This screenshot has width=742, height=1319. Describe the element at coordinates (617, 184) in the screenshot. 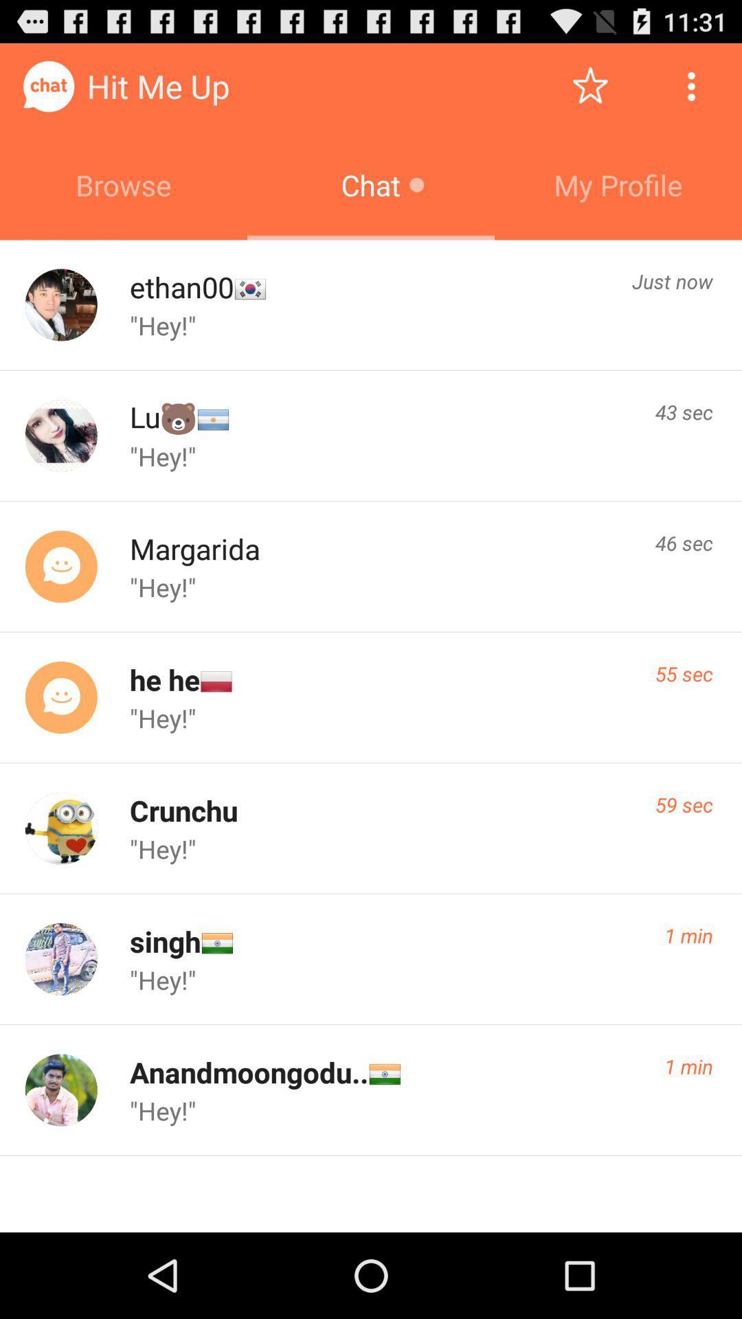

I see `the my profile icon` at that location.